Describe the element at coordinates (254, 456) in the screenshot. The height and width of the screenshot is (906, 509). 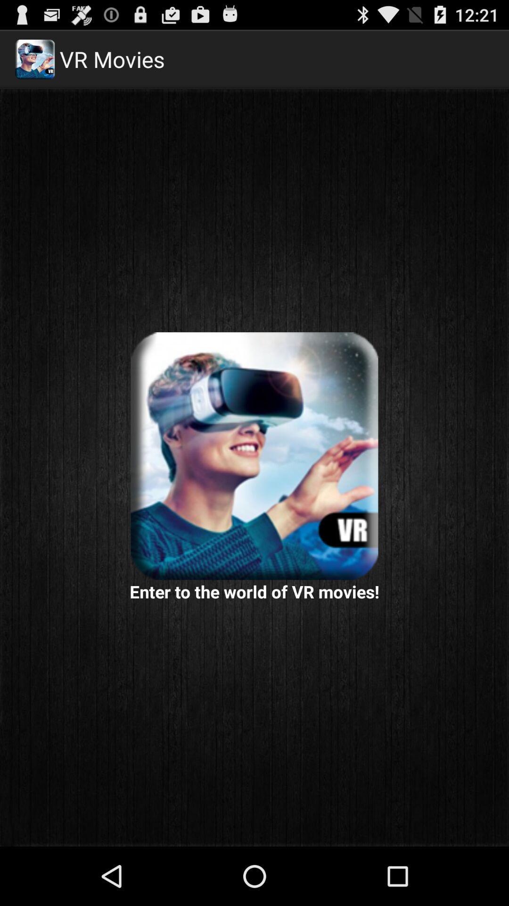
I see `item below vr movies icon` at that location.